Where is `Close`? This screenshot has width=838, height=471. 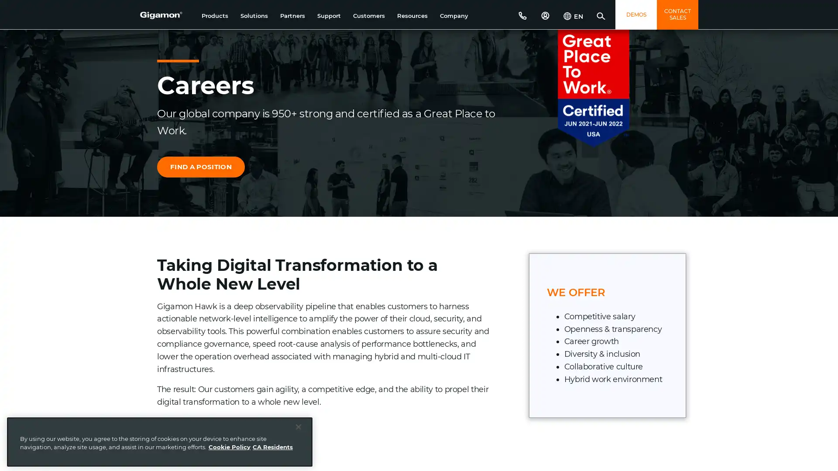
Close is located at coordinates (299, 426).